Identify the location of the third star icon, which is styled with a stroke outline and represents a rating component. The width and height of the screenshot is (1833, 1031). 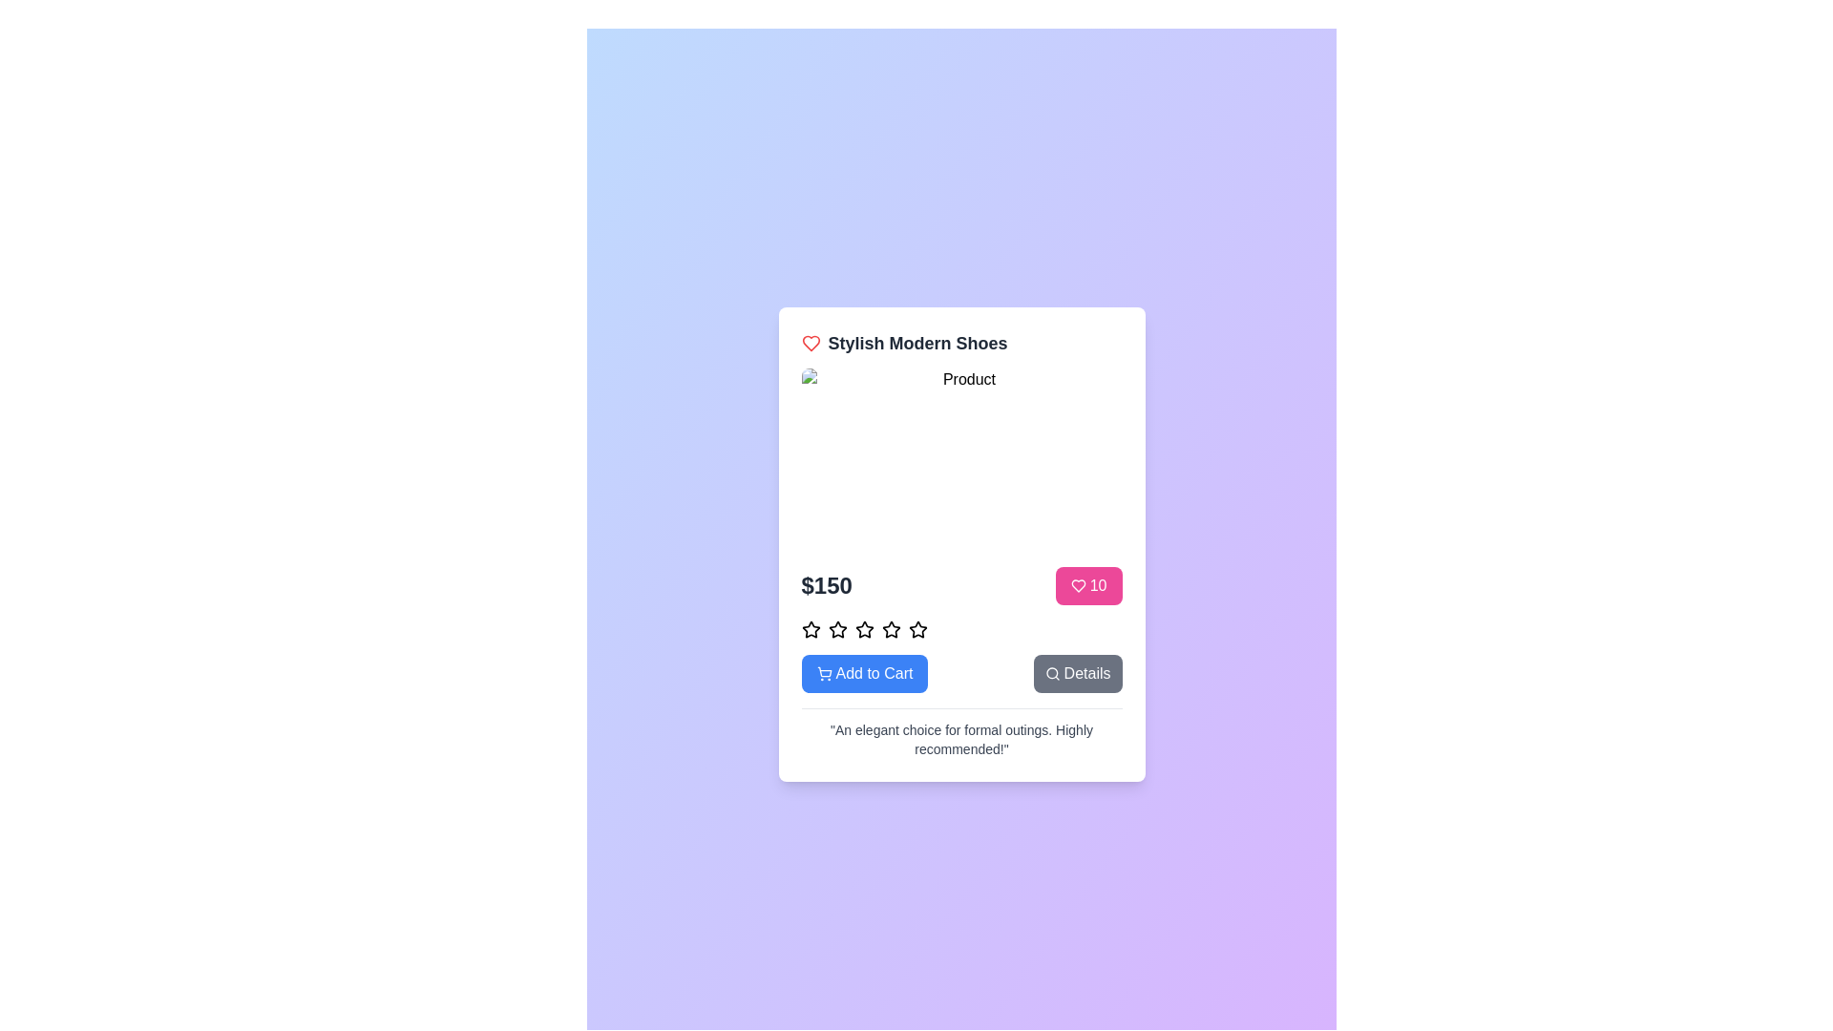
(837, 629).